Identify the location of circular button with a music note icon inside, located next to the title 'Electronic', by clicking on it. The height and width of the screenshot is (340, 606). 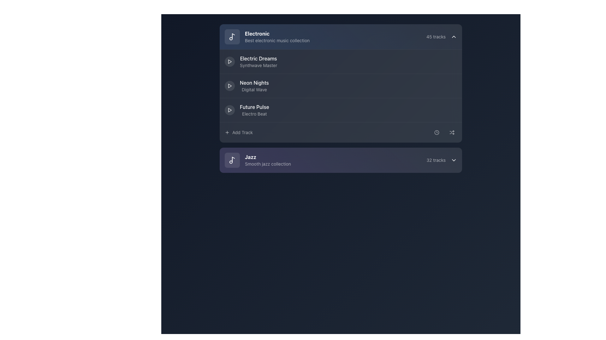
(232, 37).